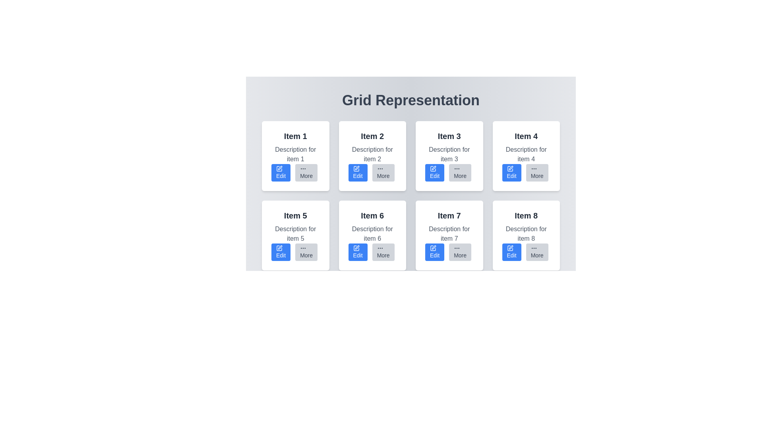  What do you see at coordinates (295, 216) in the screenshot?
I see `the prominently styled text element reading 'Item 5', which is displayed in bold and larger font size, located at the top of the fifth card in a grid layout` at bounding box center [295, 216].